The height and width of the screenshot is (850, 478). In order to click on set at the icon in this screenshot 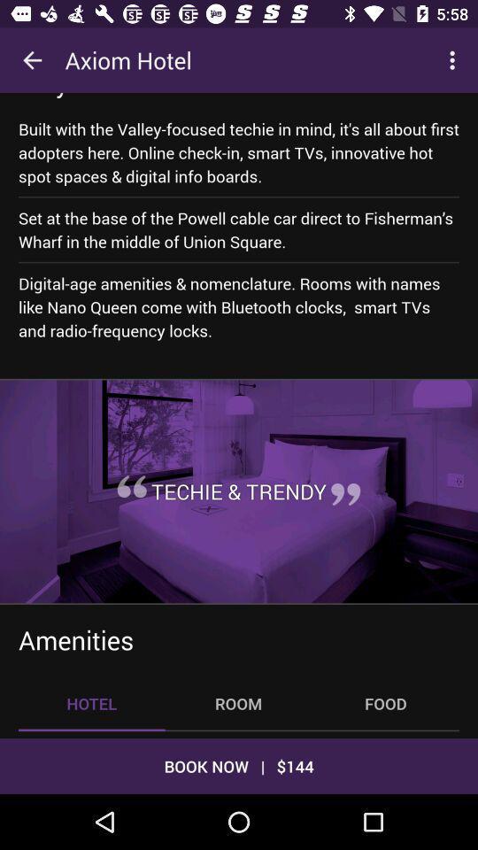, I will do `click(239, 228)`.